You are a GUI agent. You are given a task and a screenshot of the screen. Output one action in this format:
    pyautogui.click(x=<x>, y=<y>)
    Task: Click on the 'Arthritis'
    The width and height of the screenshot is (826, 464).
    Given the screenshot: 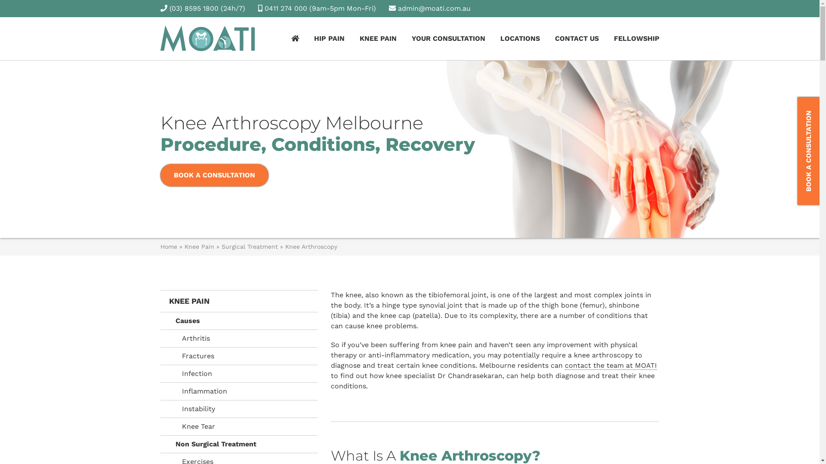 What is the action you would take?
    pyautogui.click(x=239, y=338)
    